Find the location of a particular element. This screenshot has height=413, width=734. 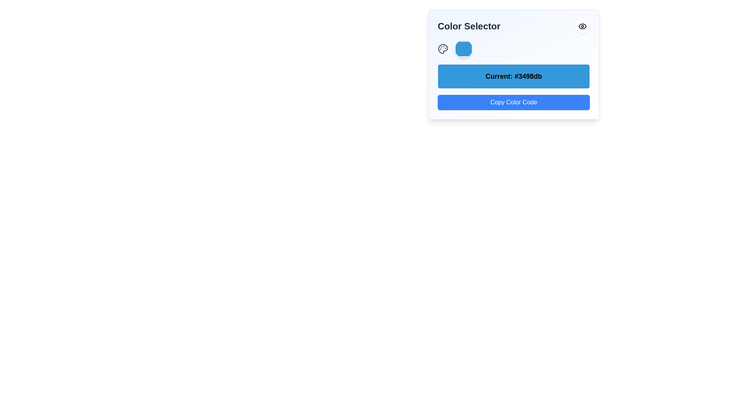

the 'Copy Color Code' button, which is a rectangular button with rounded corners, blue background, and white text, located below the blue area displaying 'Current: #3498db' is located at coordinates (514, 102).